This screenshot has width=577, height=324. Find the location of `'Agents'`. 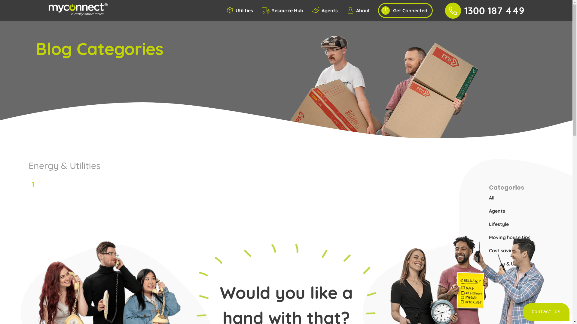

'Agents' is located at coordinates (497, 210).